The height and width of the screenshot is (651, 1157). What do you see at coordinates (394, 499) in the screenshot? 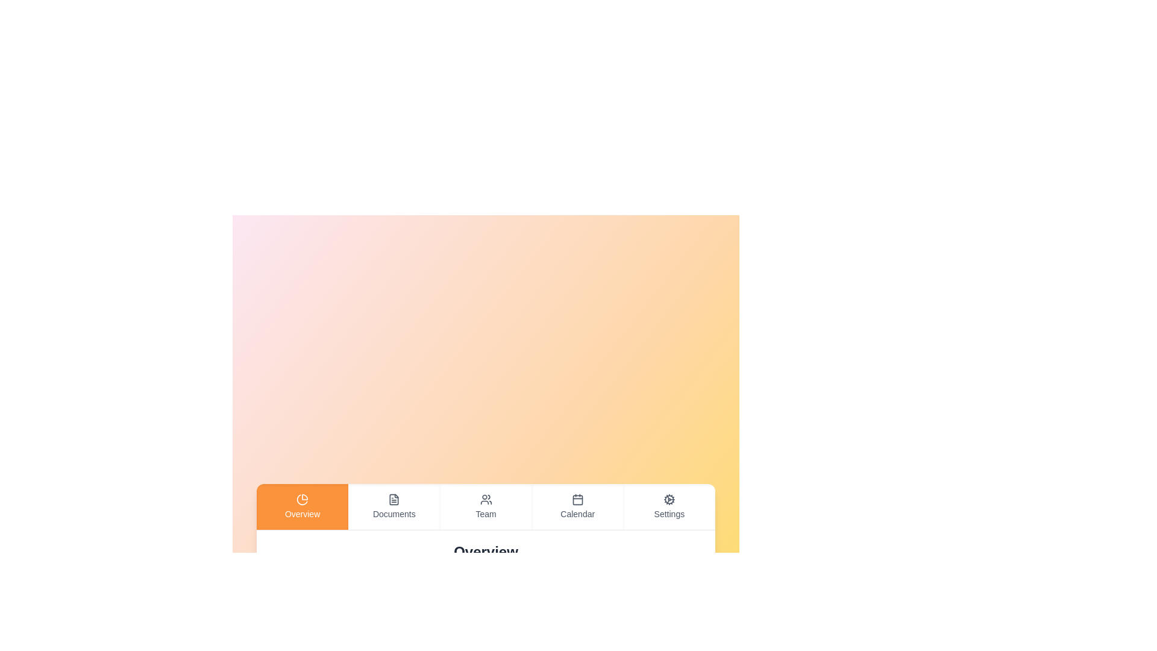
I see `the document icon in the 'Documents' tab located in the bottom navigation bar` at bounding box center [394, 499].